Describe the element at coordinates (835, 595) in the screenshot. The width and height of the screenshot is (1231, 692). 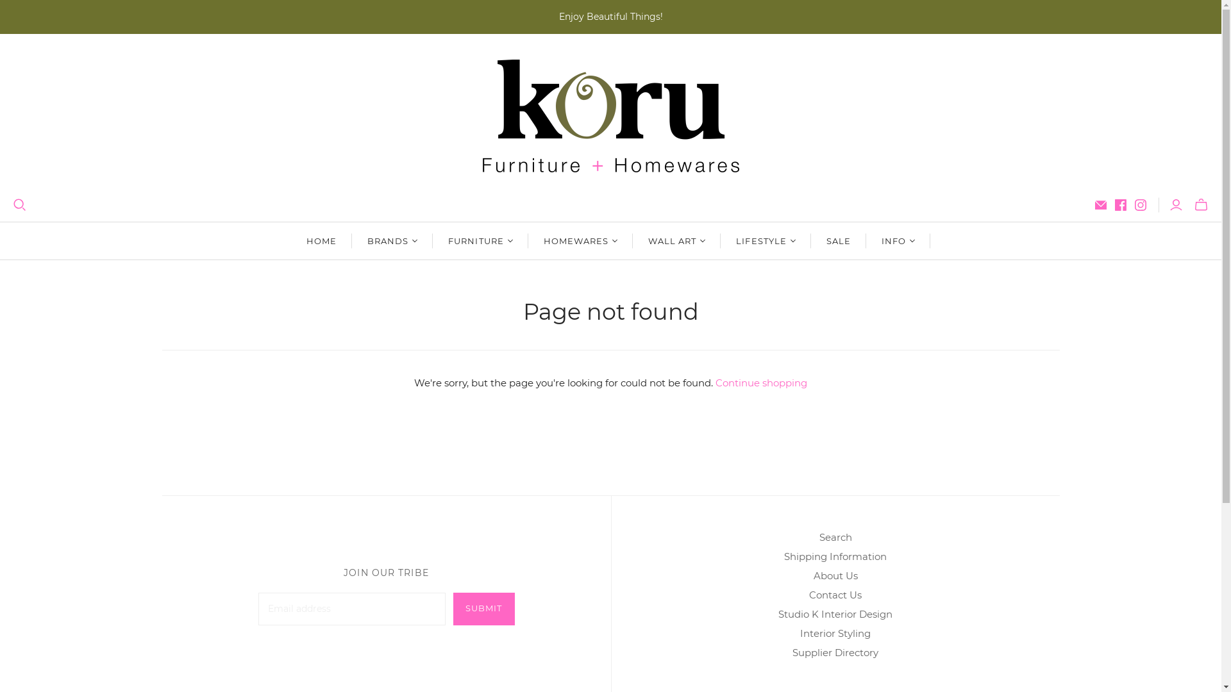
I see `'Contact Us'` at that location.